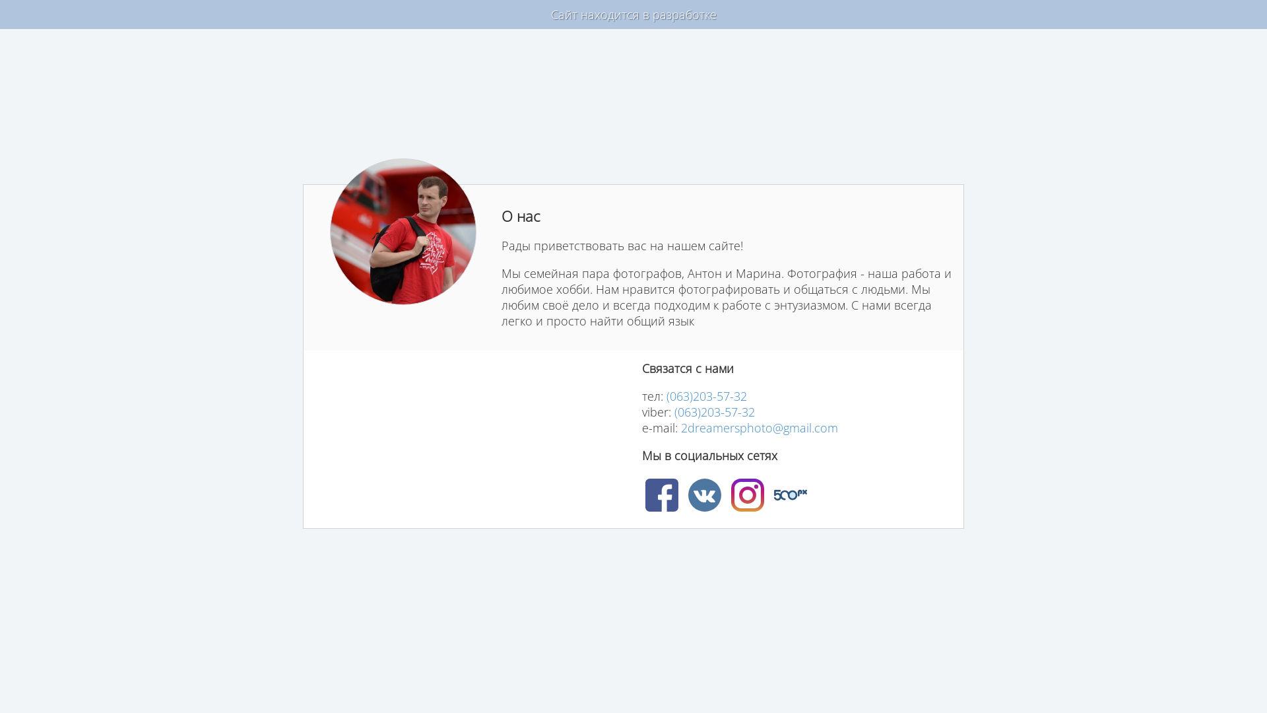 This screenshot has height=713, width=1267. What do you see at coordinates (686, 494) in the screenshot?
I see `'Vkontakte'` at bounding box center [686, 494].